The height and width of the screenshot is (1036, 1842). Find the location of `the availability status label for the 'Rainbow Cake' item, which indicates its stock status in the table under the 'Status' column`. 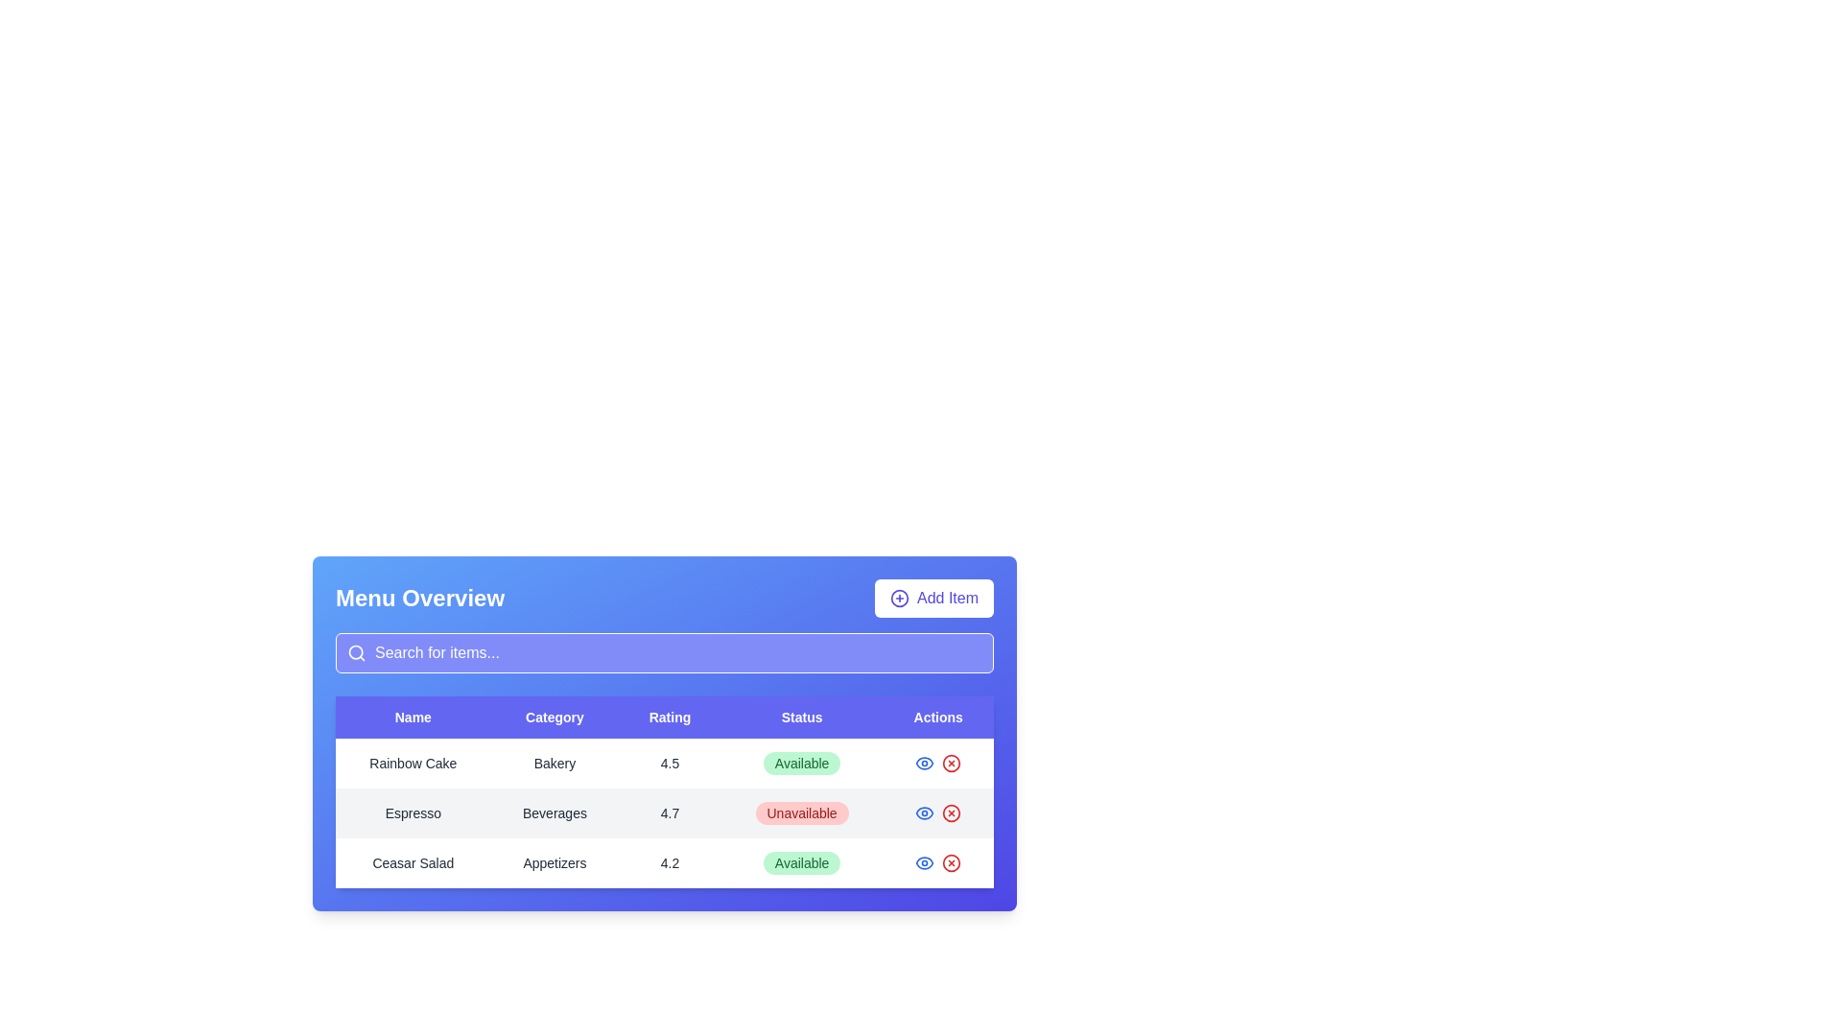

the availability status label for the 'Rainbow Cake' item, which indicates its stock status in the table under the 'Status' column is located at coordinates (802, 762).